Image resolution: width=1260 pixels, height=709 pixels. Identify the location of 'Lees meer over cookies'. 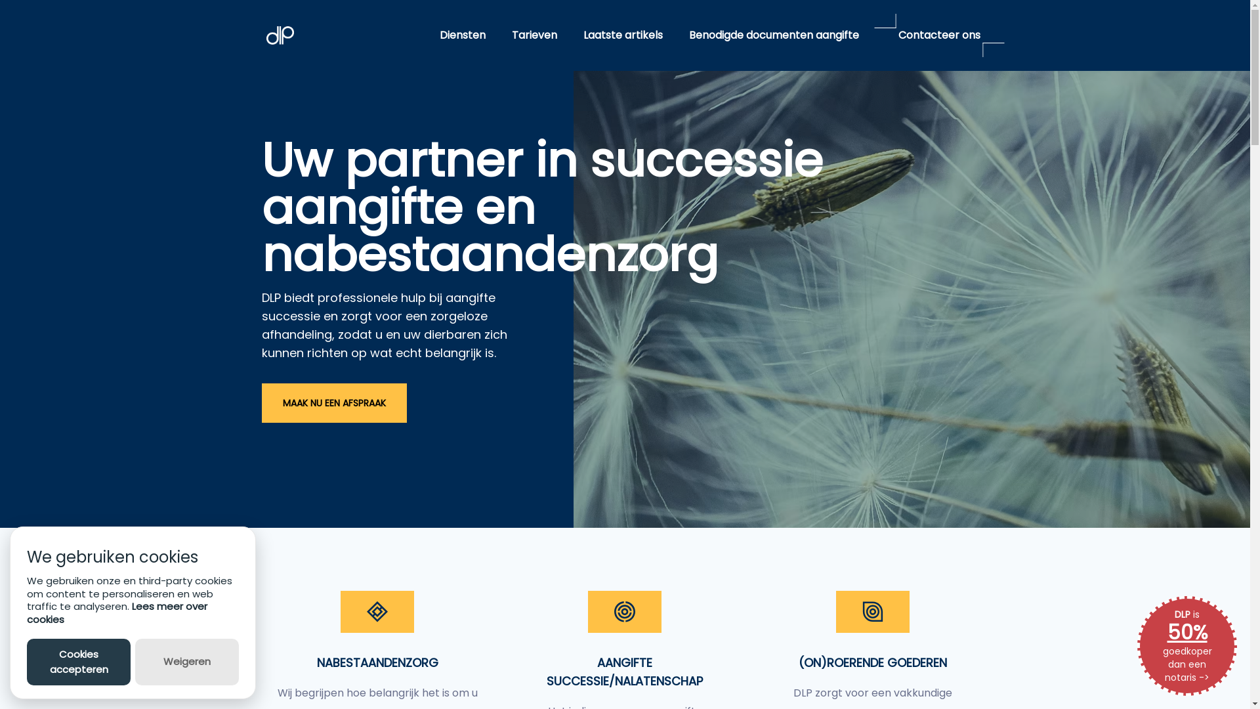
(27, 612).